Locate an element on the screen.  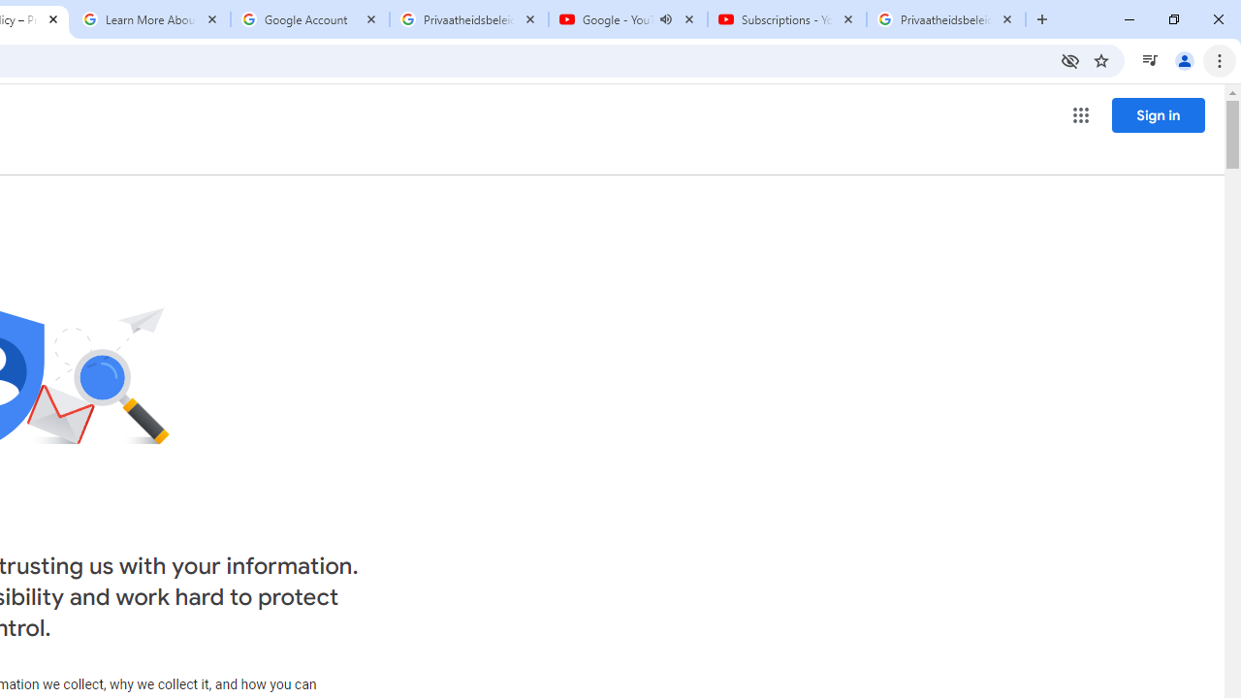
'Google Account' is located at coordinates (310, 19).